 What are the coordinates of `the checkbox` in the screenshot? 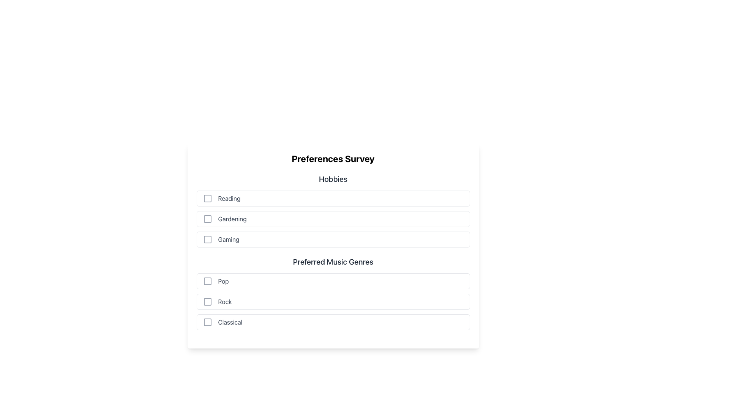 It's located at (207, 301).